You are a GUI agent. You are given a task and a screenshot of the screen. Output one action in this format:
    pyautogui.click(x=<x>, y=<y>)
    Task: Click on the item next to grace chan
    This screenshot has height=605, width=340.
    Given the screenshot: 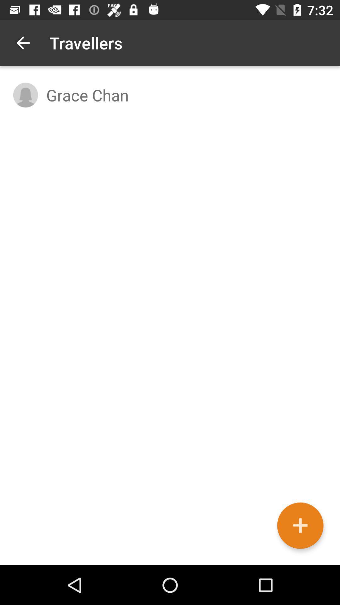 What is the action you would take?
    pyautogui.click(x=25, y=95)
    